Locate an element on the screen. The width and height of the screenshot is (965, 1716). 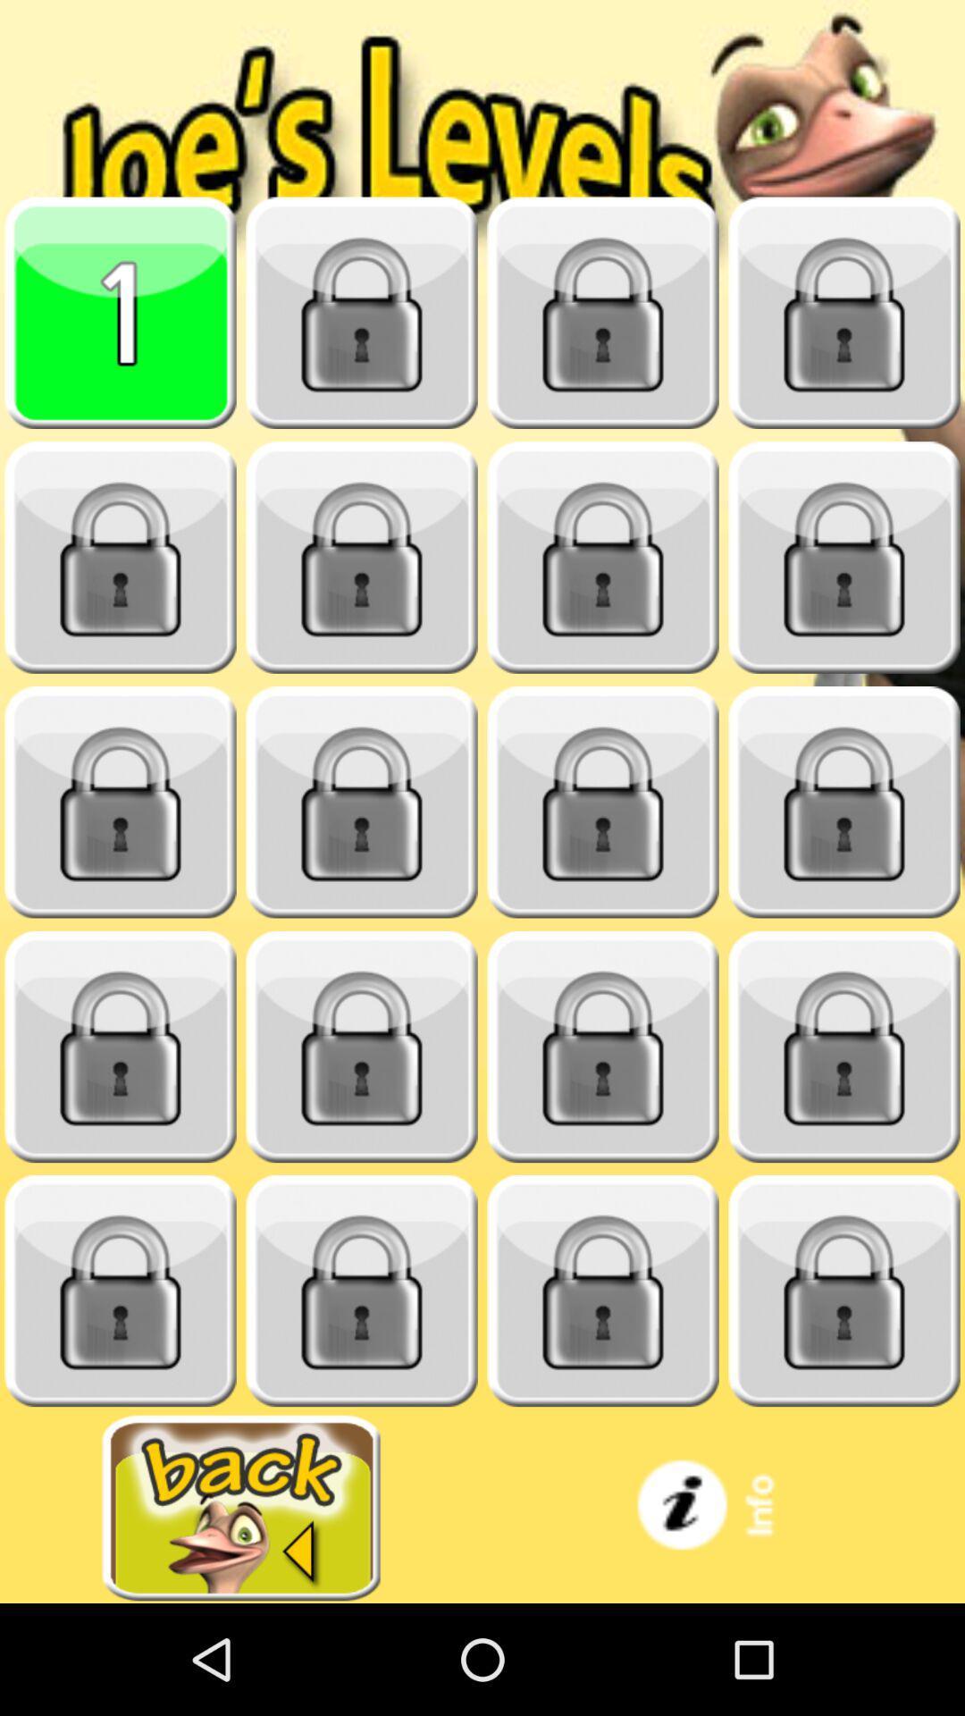
locked is located at coordinates (844, 802).